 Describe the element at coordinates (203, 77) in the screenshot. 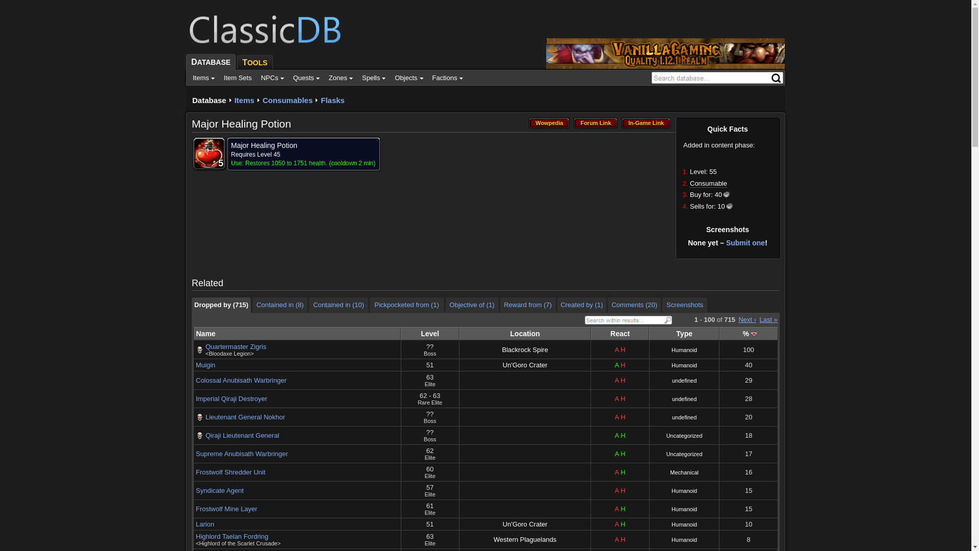

I see `'Items'` at that location.